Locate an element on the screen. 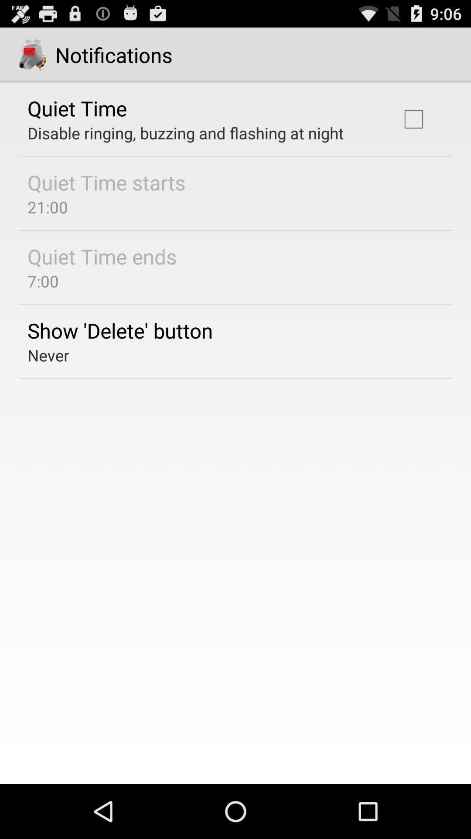  the show 'delete' button app is located at coordinates (120, 330).